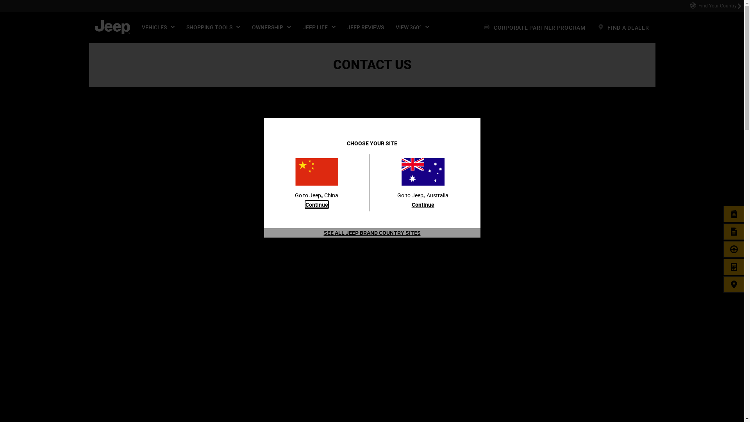  I want to click on 'SHOPPING TOOLS', so click(213, 27).